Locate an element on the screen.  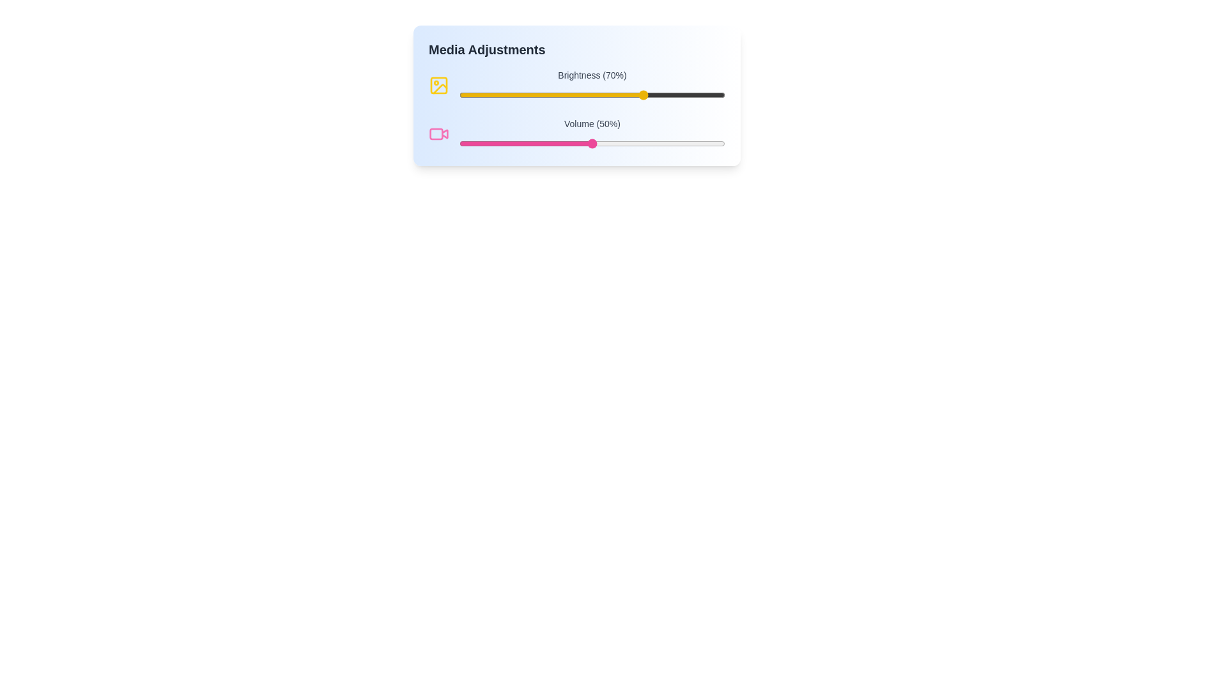
the image icon to explore its interactivity is located at coordinates (438, 86).